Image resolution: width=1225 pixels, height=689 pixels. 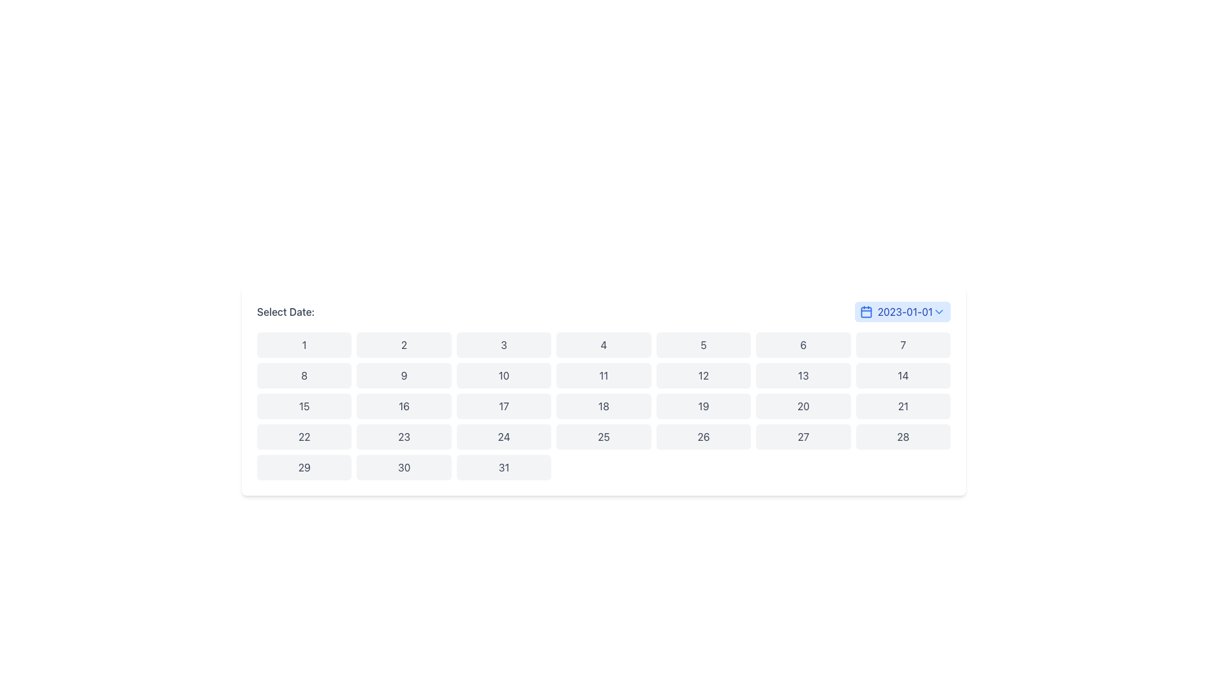 I want to click on the button labeled '26' with a light gray background and darker gray text, so click(x=702, y=436).